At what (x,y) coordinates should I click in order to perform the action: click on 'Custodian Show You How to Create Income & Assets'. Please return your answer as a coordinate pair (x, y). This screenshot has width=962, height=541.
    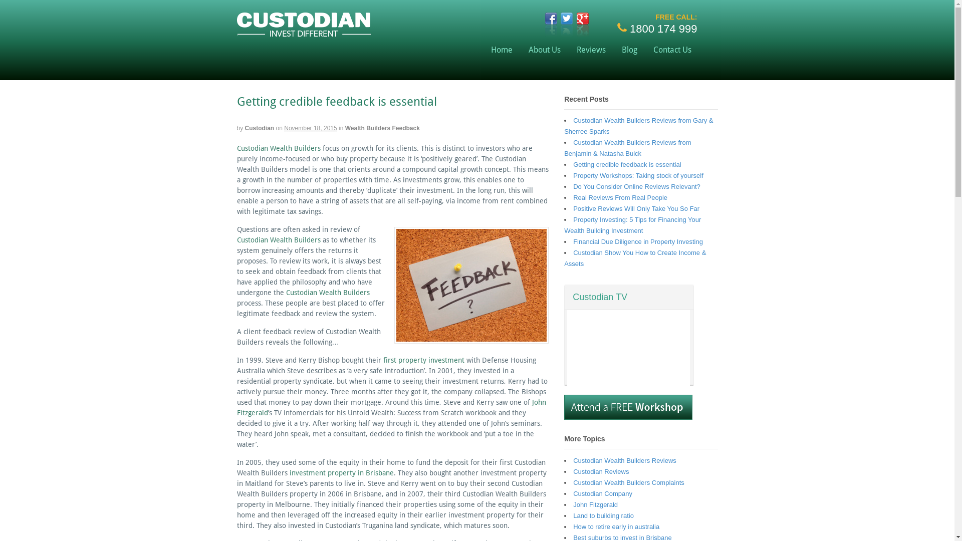
    Looking at the image, I should click on (634, 257).